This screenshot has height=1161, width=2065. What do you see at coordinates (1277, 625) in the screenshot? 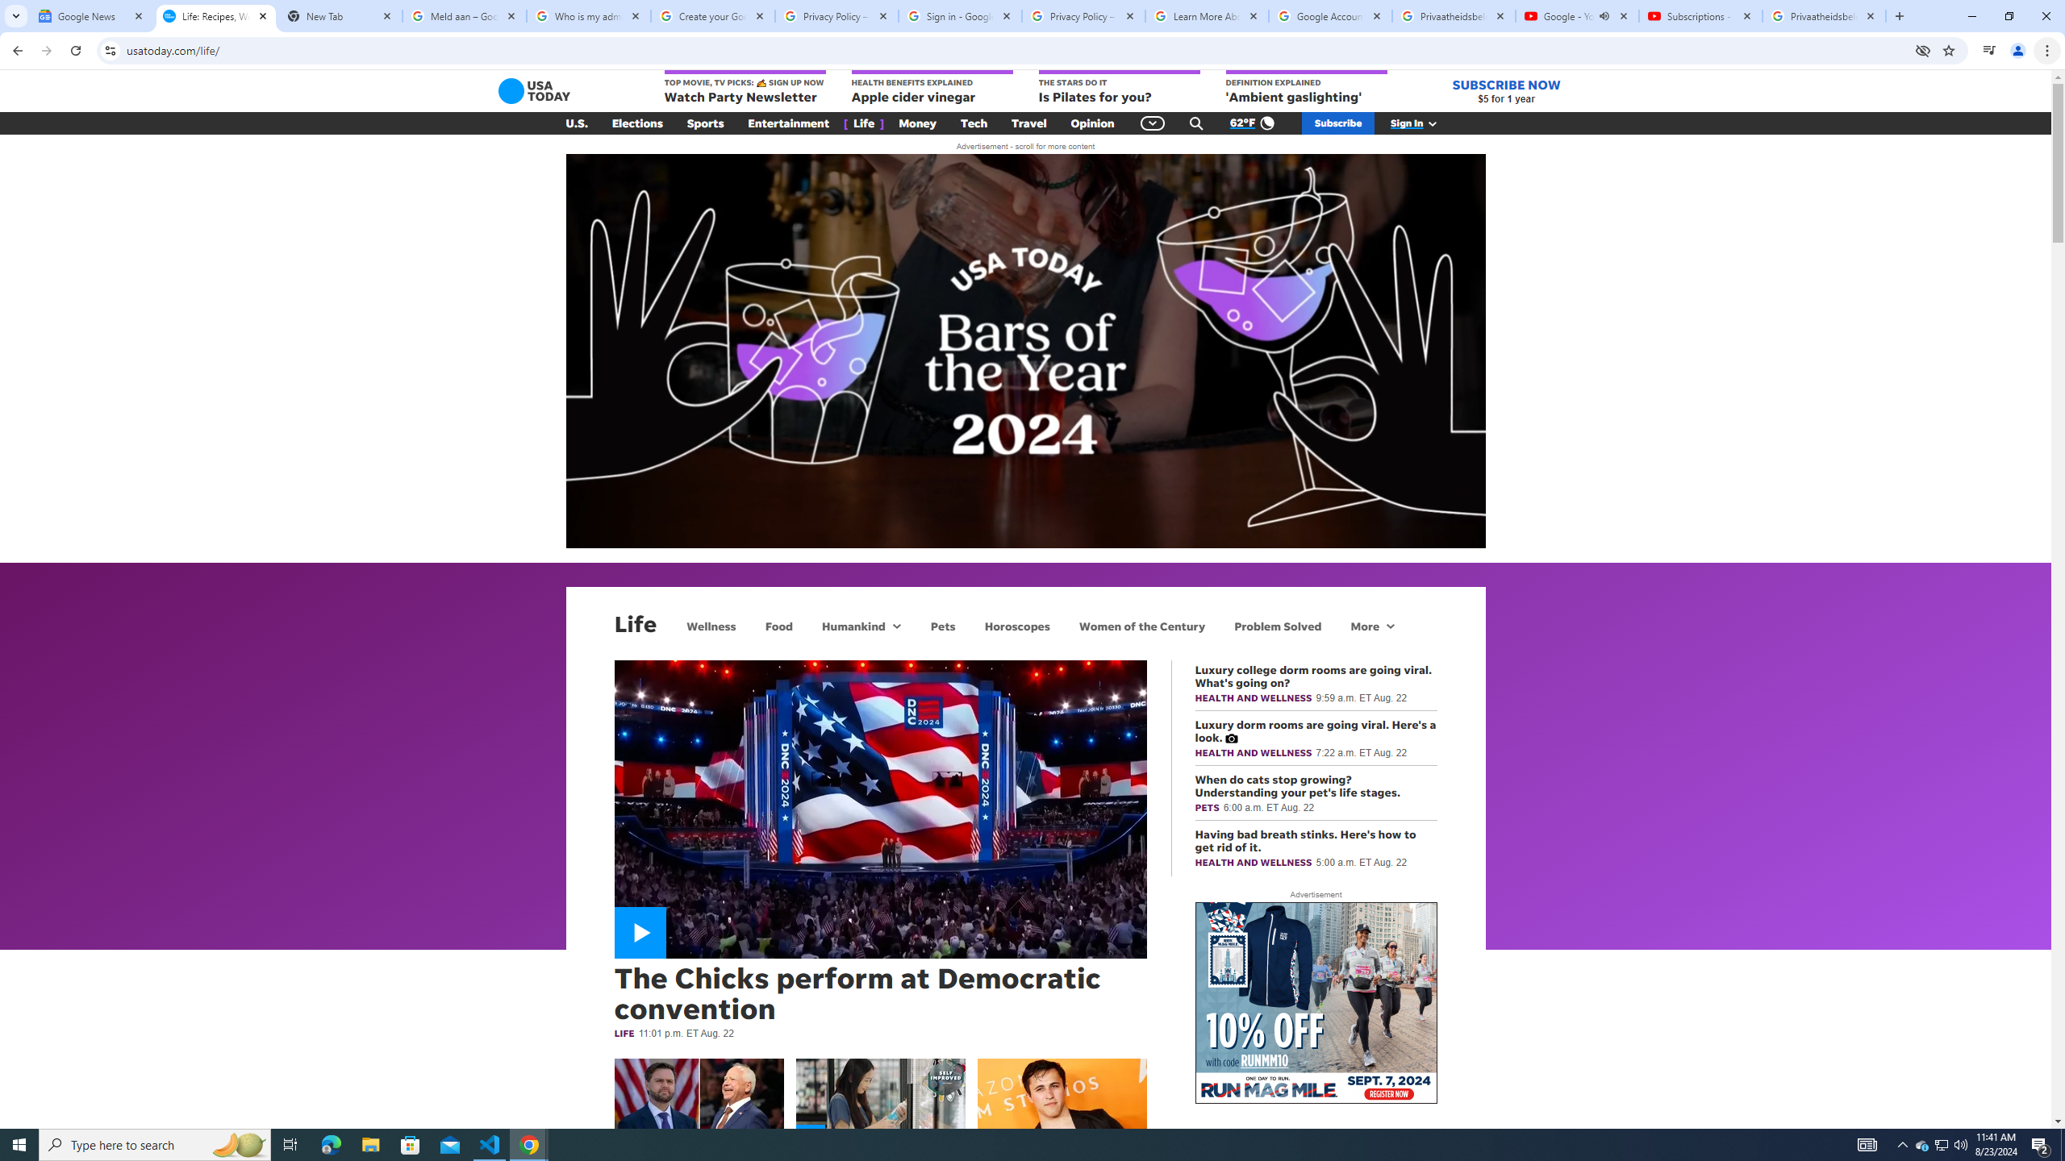
I see `'Problem Solved'` at bounding box center [1277, 625].